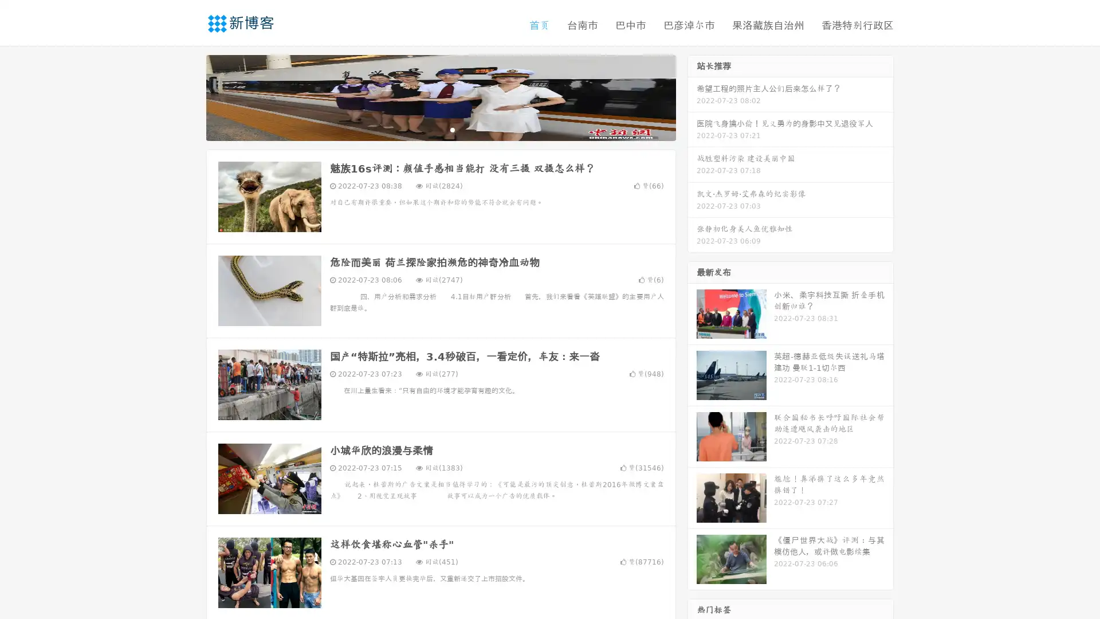  I want to click on Go to slide 3, so click(452, 129).